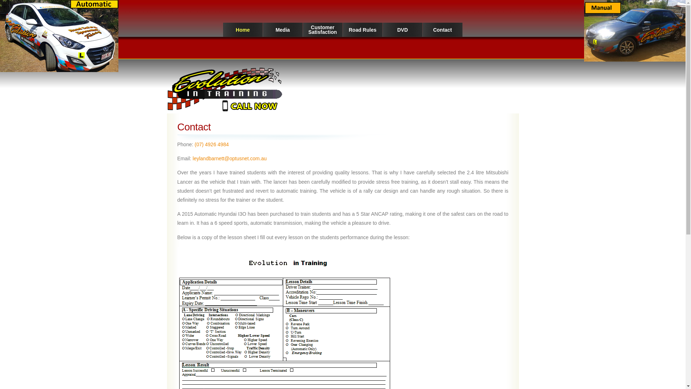 The width and height of the screenshot is (691, 389). Describe the element at coordinates (442, 30) in the screenshot. I see `'Contact'` at that location.